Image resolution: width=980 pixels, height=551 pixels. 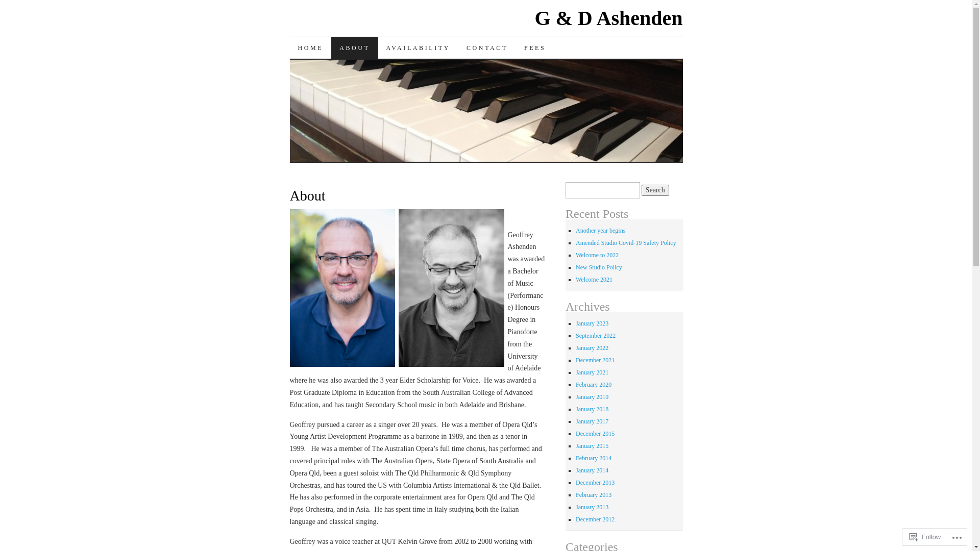 I want to click on 'CONTACT', so click(x=486, y=47).